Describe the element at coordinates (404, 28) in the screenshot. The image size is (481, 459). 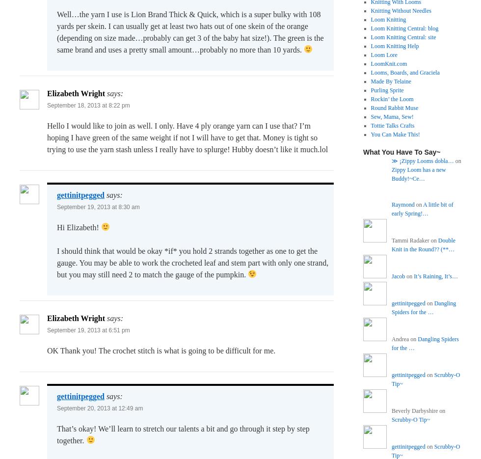
I see `'Loom Knitting Central: blog'` at that location.